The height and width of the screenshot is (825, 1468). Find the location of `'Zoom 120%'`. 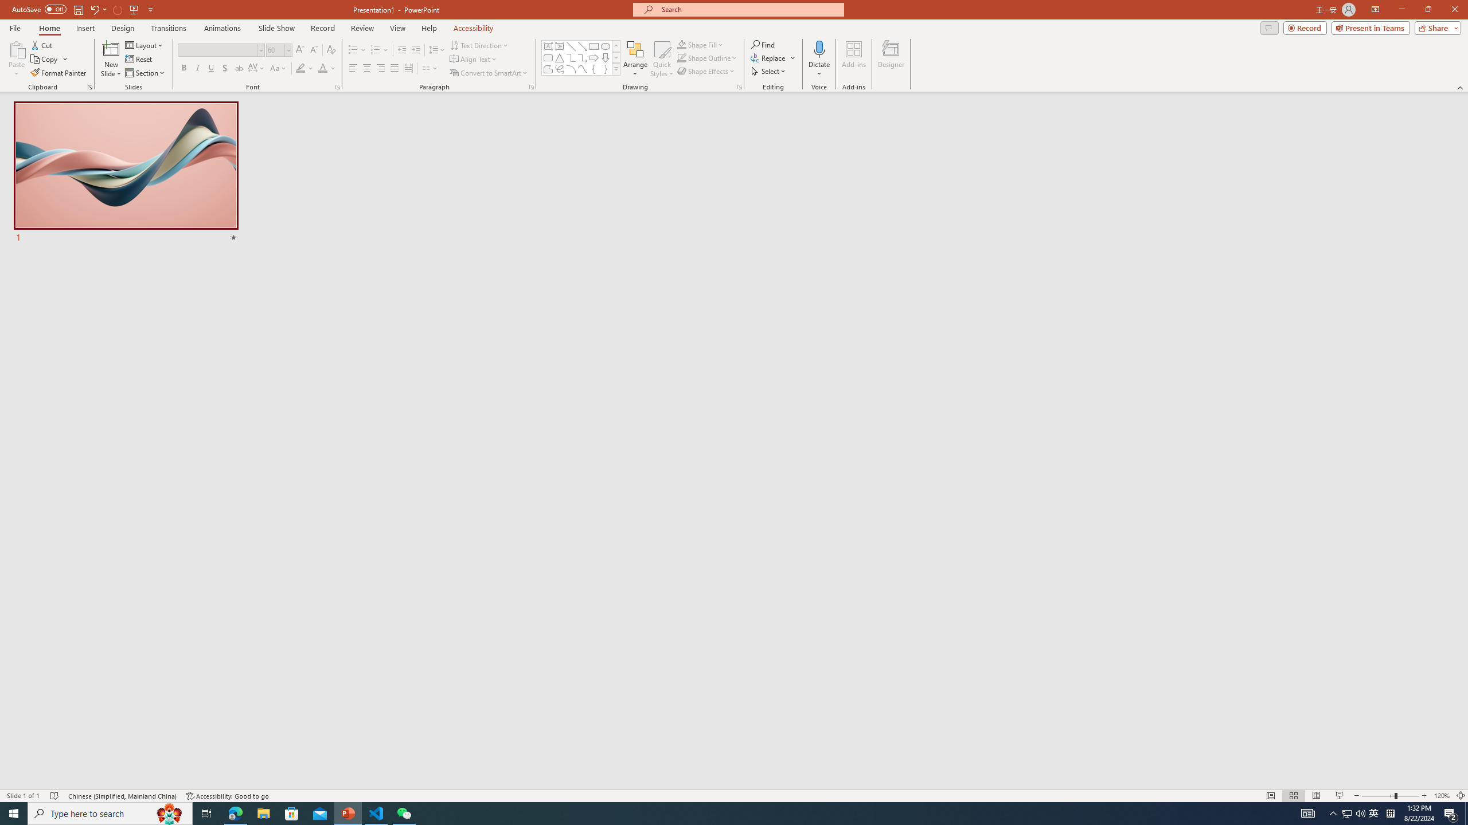

'Zoom 120%' is located at coordinates (1442, 796).